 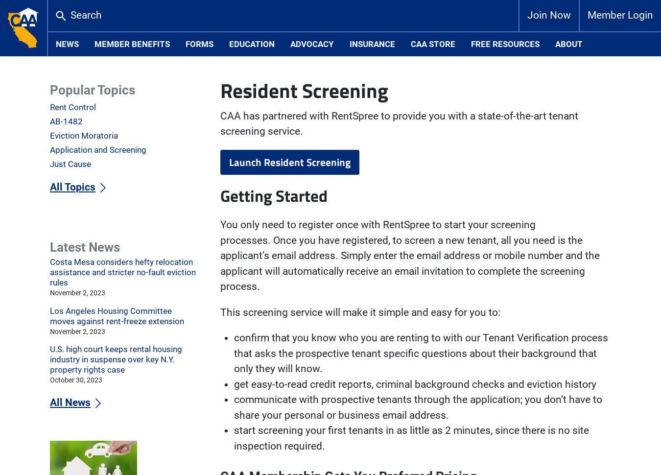 I want to click on 'Add: Eviction History: +$6.00', so click(x=220, y=107).